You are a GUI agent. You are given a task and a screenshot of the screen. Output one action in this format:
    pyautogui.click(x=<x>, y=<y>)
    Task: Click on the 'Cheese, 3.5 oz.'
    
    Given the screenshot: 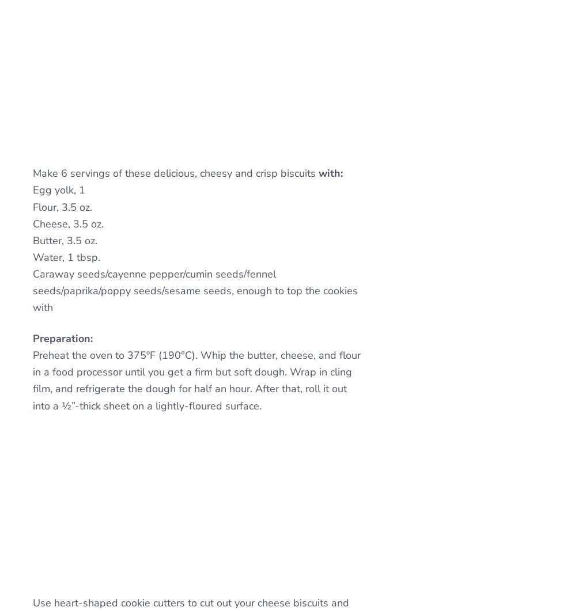 What is the action you would take?
    pyautogui.click(x=67, y=223)
    